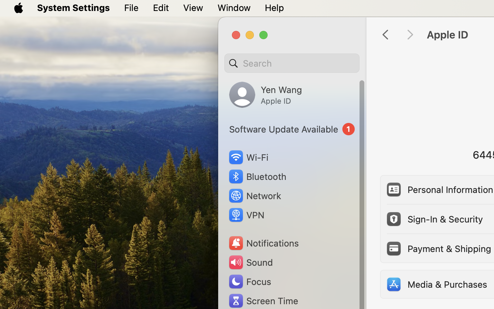  What do you see at coordinates (250, 262) in the screenshot?
I see `'Sound'` at bounding box center [250, 262].